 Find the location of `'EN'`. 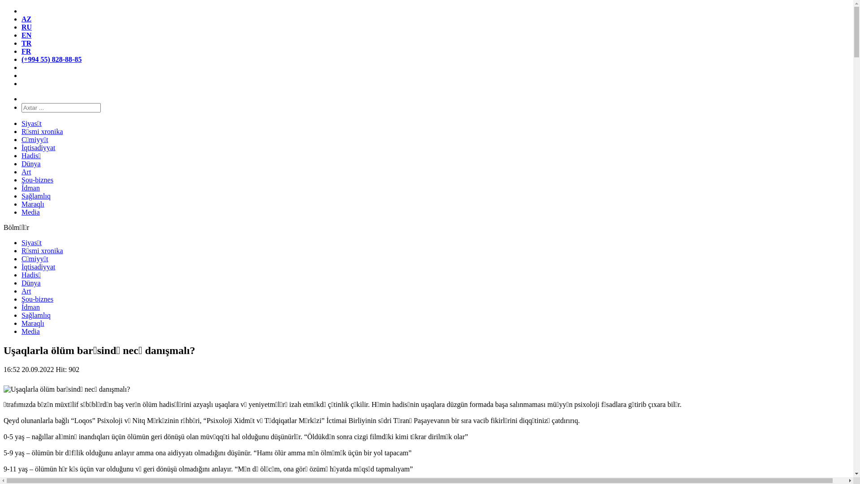

'EN' is located at coordinates (21, 35).